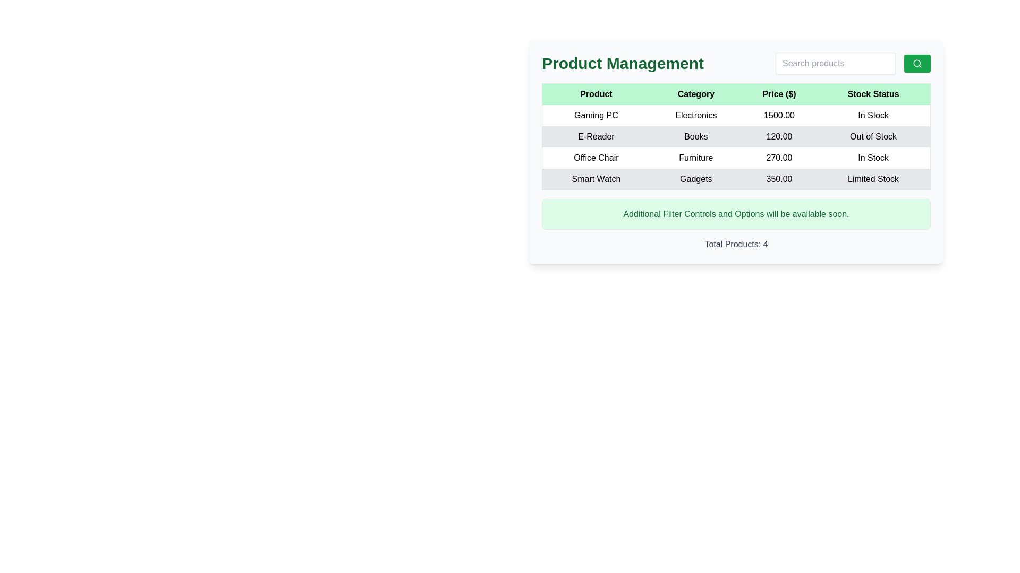 The image size is (1020, 573). Describe the element at coordinates (873, 158) in the screenshot. I see `the text label displaying the stock status for the product 'Office Chair', located in the fourth column of its row, adjacent to the price label '270.00'` at that location.